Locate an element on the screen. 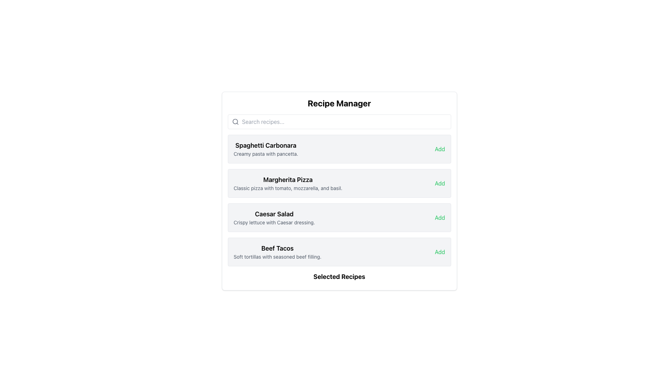 Image resolution: width=672 pixels, height=378 pixels. displayed information from the Text Display Block that describes a pizza option, which is the second item in the list, positioned between 'Spaghetti Carbonara' and 'Caesar Salad.' is located at coordinates (288, 183).